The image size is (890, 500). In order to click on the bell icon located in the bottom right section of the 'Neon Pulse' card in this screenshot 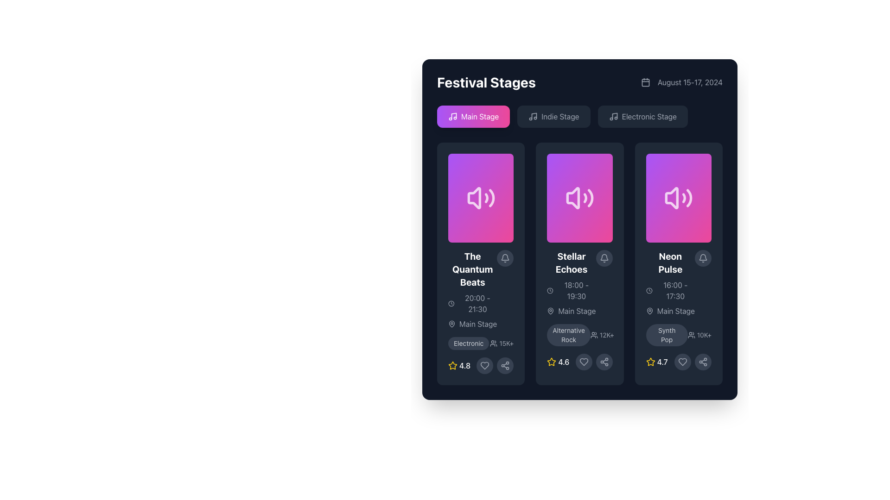, I will do `click(703, 258)`.